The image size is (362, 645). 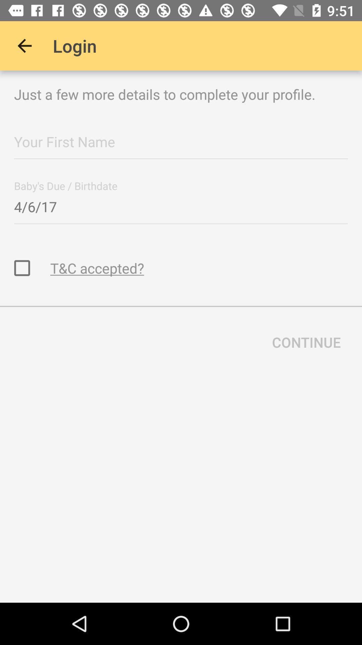 I want to click on the t&c accepted? icon, so click(x=97, y=267).